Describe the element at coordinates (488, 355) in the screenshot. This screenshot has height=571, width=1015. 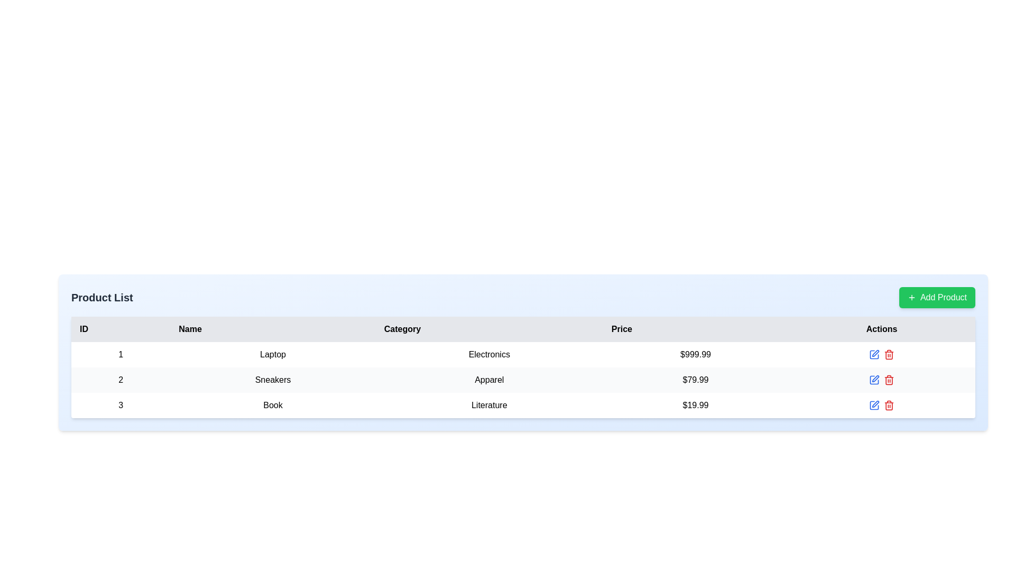
I see `the non-interactive text label indicating the category 'Category' for the product 'Laptop' located in the third cell of the second row in the table` at that location.